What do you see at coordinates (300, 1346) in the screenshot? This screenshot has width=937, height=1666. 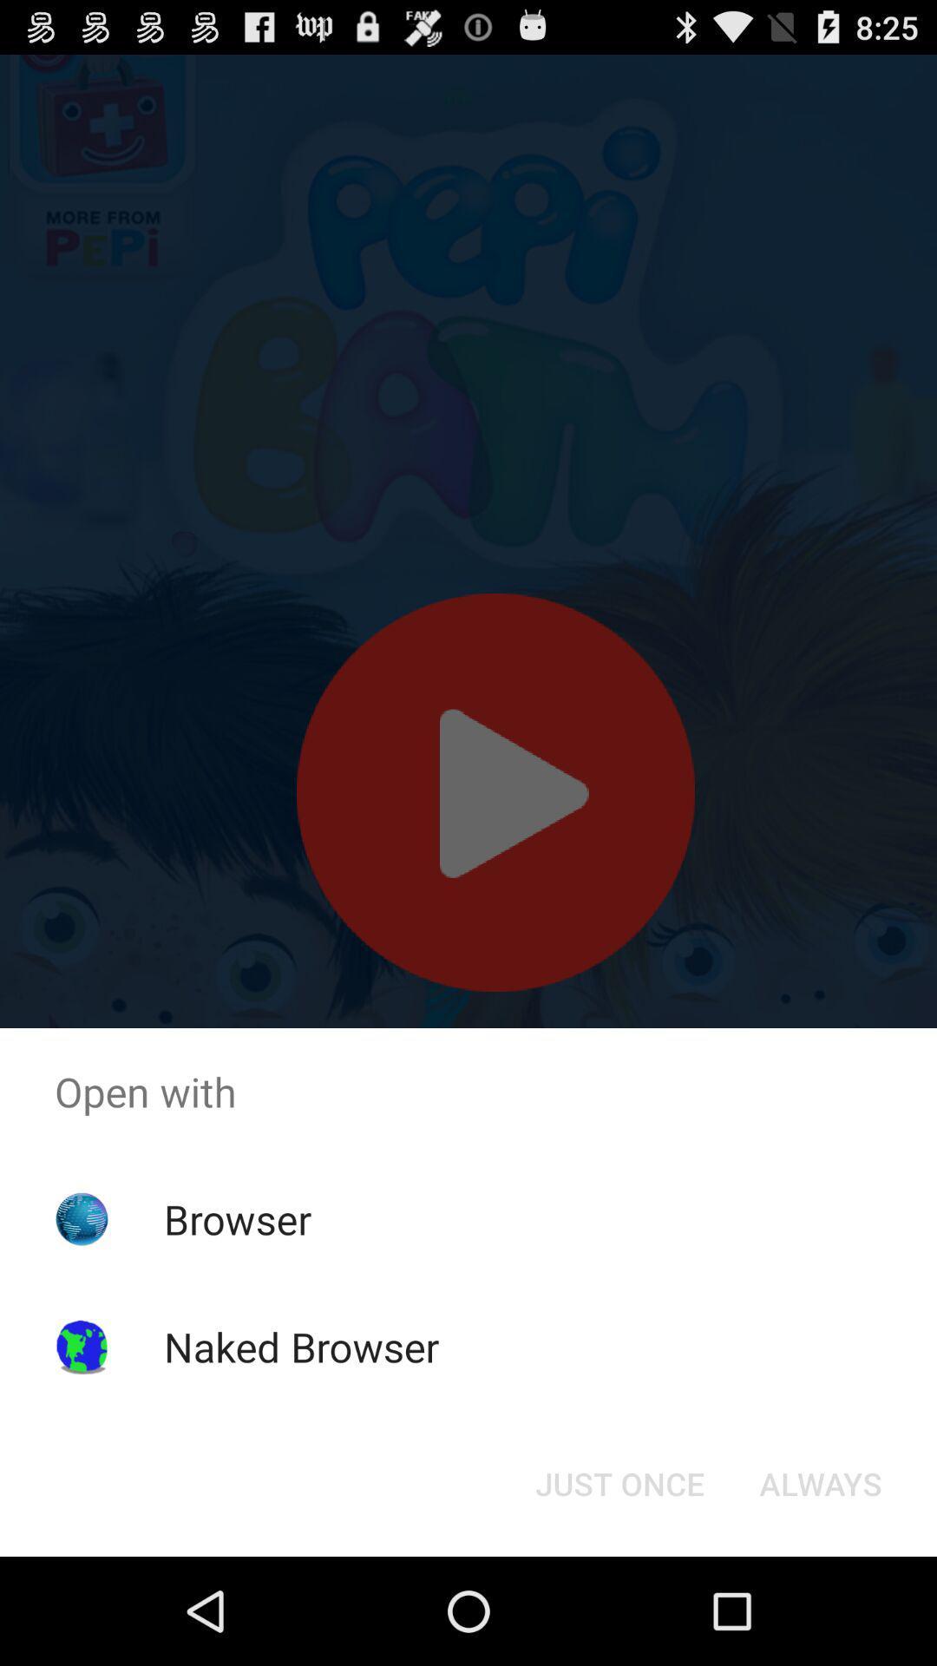 I see `app below the browser icon` at bounding box center [300, 1346].